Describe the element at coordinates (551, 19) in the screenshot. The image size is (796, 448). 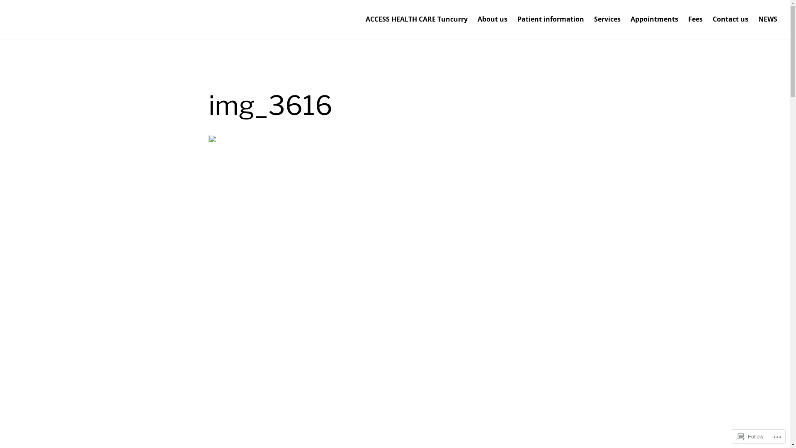
I see `'Patient information'` at that location.